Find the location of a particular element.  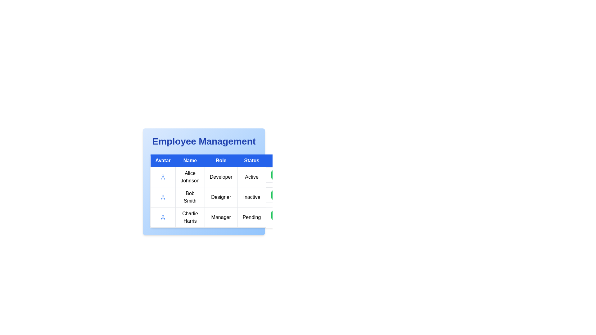

the group of three rounded rectangular buttons (green with checkmark, yellow with pen, red with trash can) in the fourth column associated with 'Bob Smith' under the 'Employee Management' section is located at coordinates (288, 194).